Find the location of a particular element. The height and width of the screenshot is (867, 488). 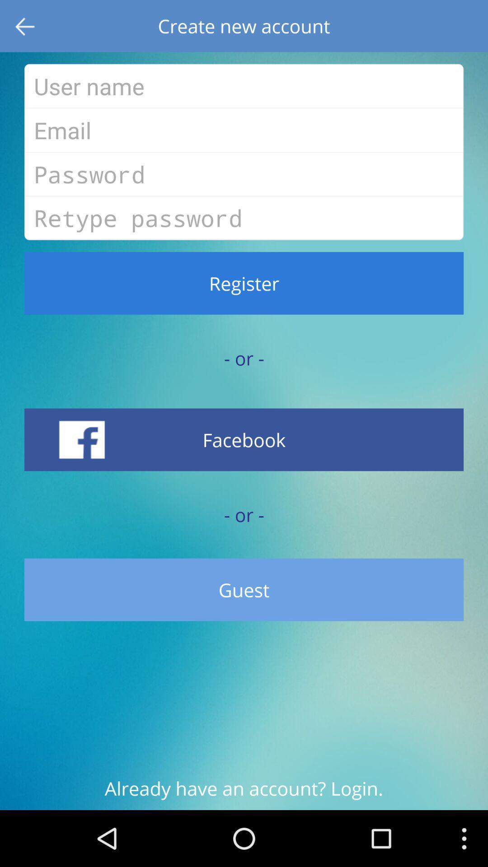

the first text field on the web page is located at coordinates (244, 86).